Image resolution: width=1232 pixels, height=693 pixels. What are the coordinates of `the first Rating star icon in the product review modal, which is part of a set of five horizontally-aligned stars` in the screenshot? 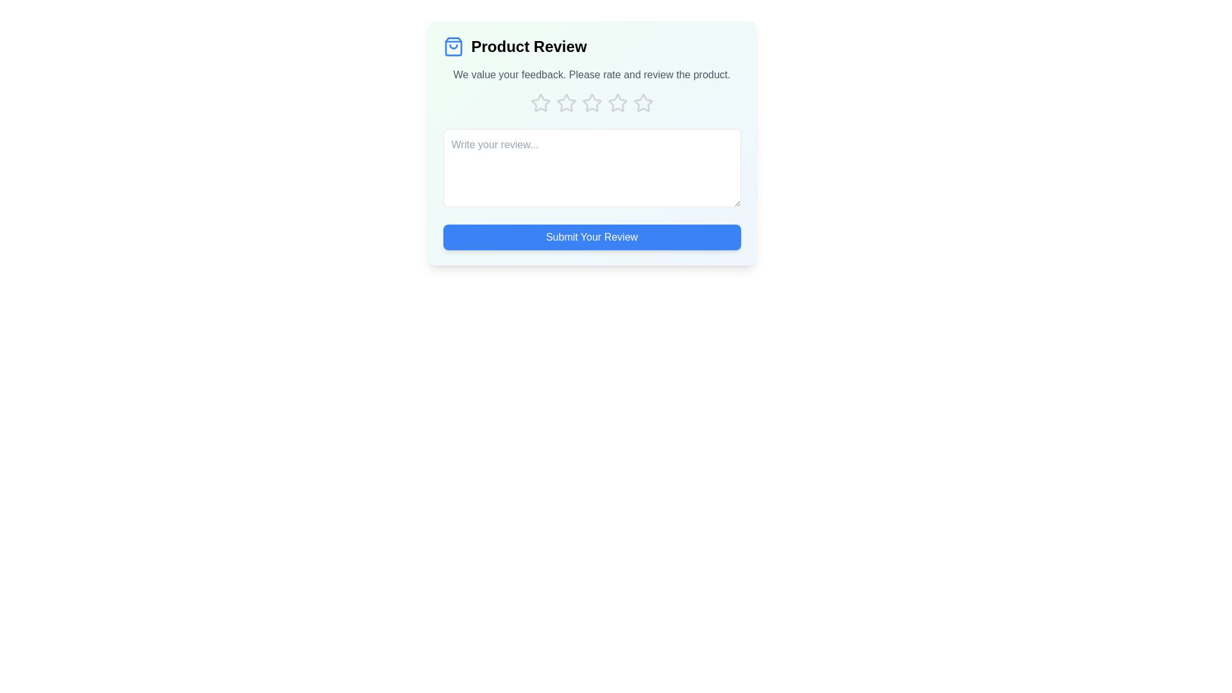 It's located at (540, 102).